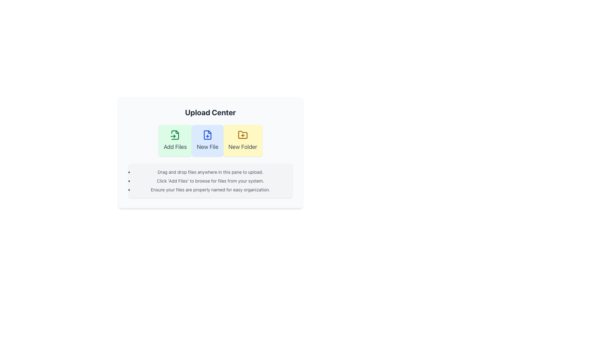 This screenshot has width=604, height=340. Describe the element at coordinates (210, 181) in the screenshot. I see `instructional text from the Informational Panel located at the bottom of the 'Upload Center', which features a light gray background and rounded corners` at that location.